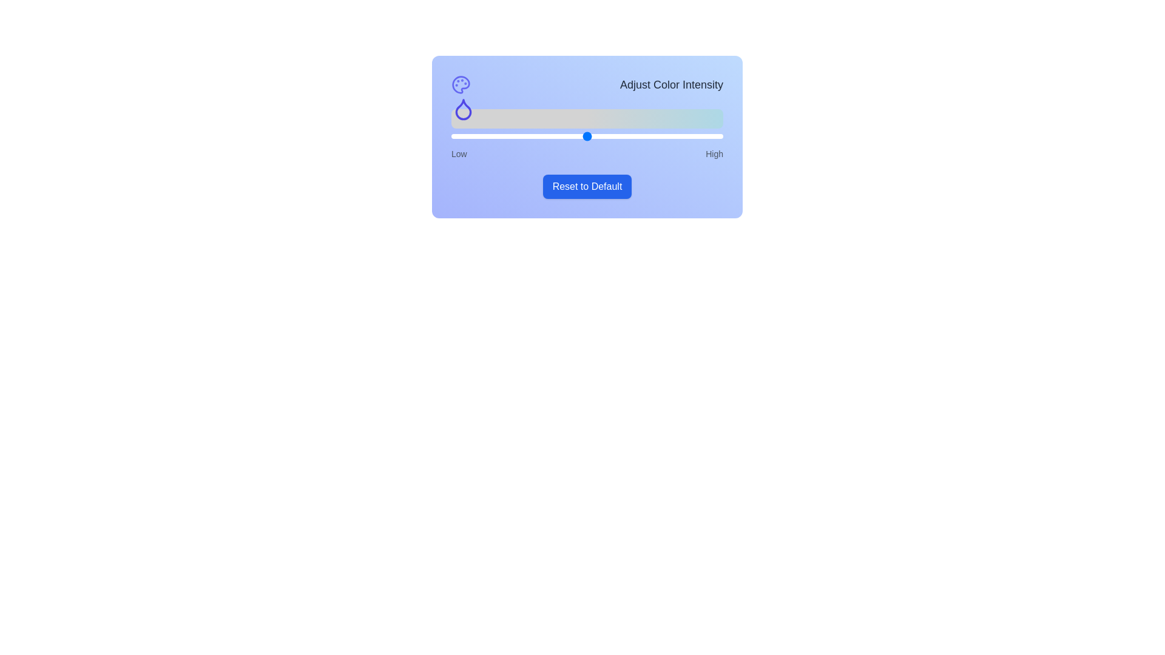 This screenshot has width=1165, height=655. Describe the element at coordinates (633, 136) in the screenshot. I see `the slider to set the color intensity to 67` at that location.